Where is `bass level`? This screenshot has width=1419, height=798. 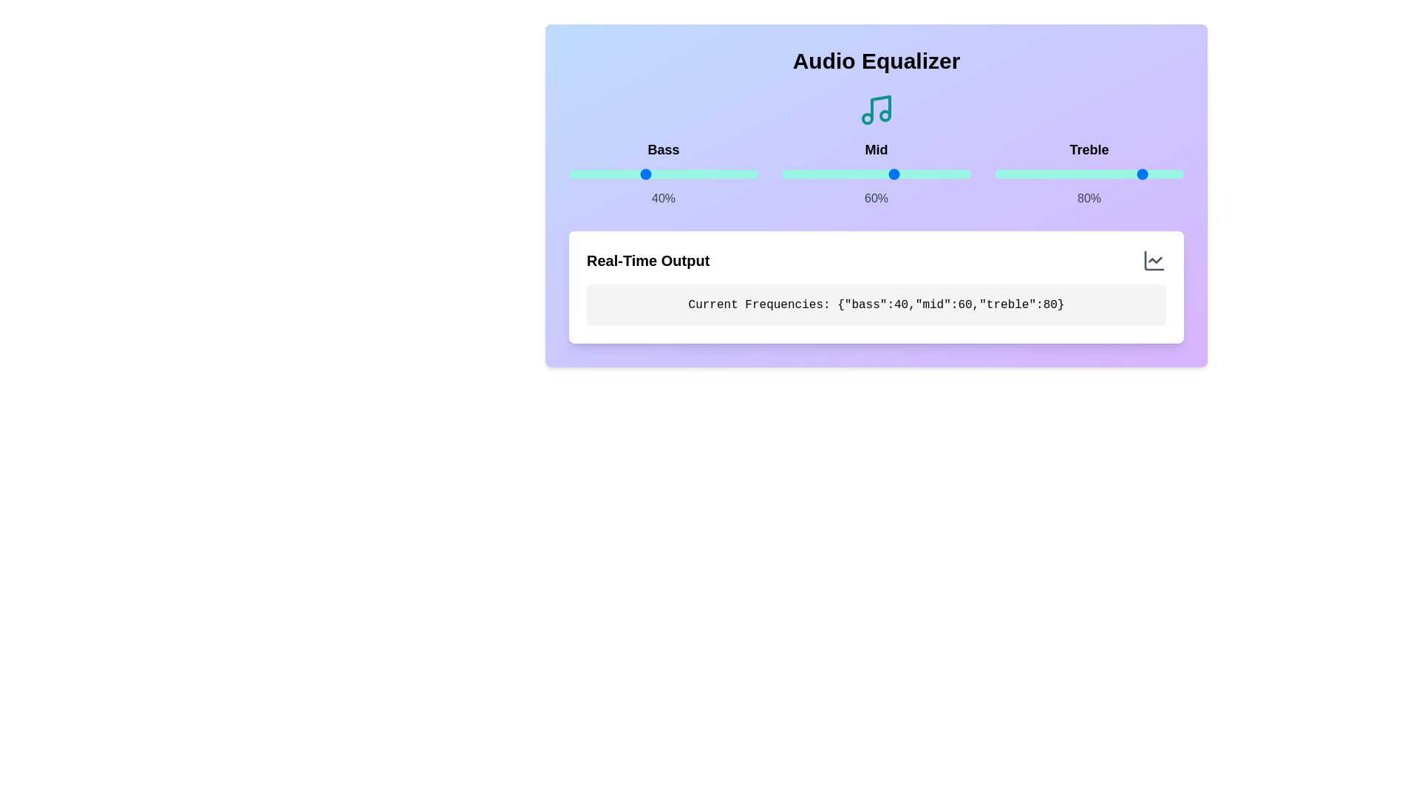 bass level is located at coordinates (576, 173).